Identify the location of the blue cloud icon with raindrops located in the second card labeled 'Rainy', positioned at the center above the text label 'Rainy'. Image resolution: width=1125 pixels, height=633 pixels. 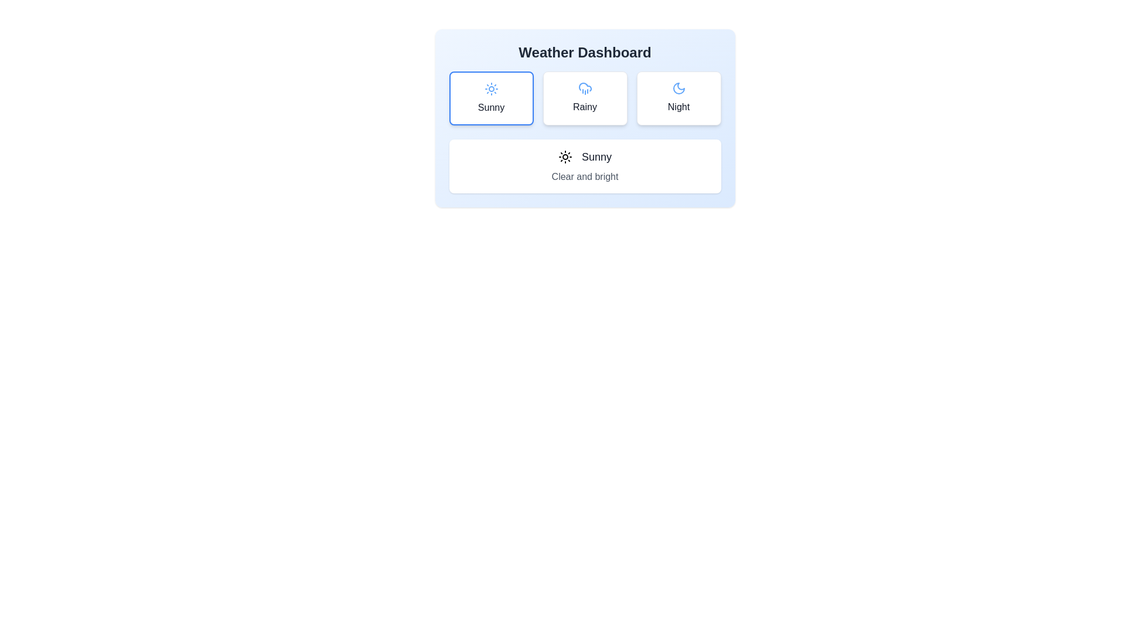
(585, 87).